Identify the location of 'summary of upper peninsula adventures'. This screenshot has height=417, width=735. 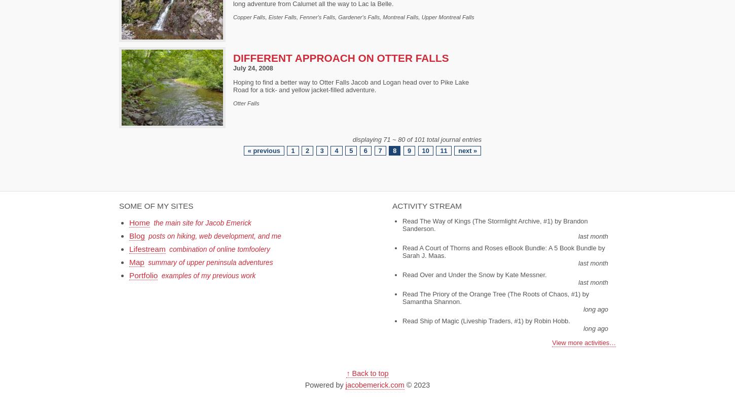
(209, 262).